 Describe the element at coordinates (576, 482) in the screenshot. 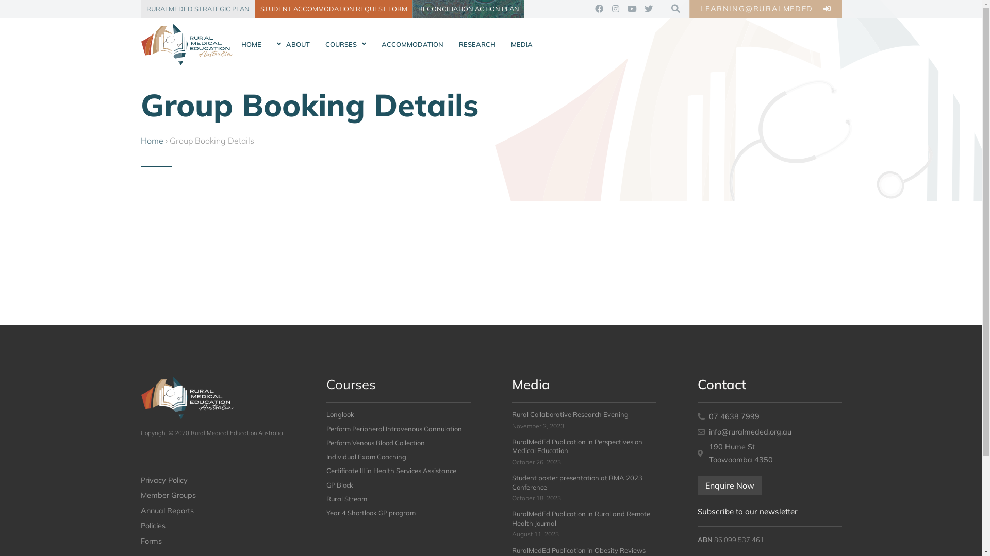

I see `'Student poster presentation at RMA 2023 Conference'` at that location.